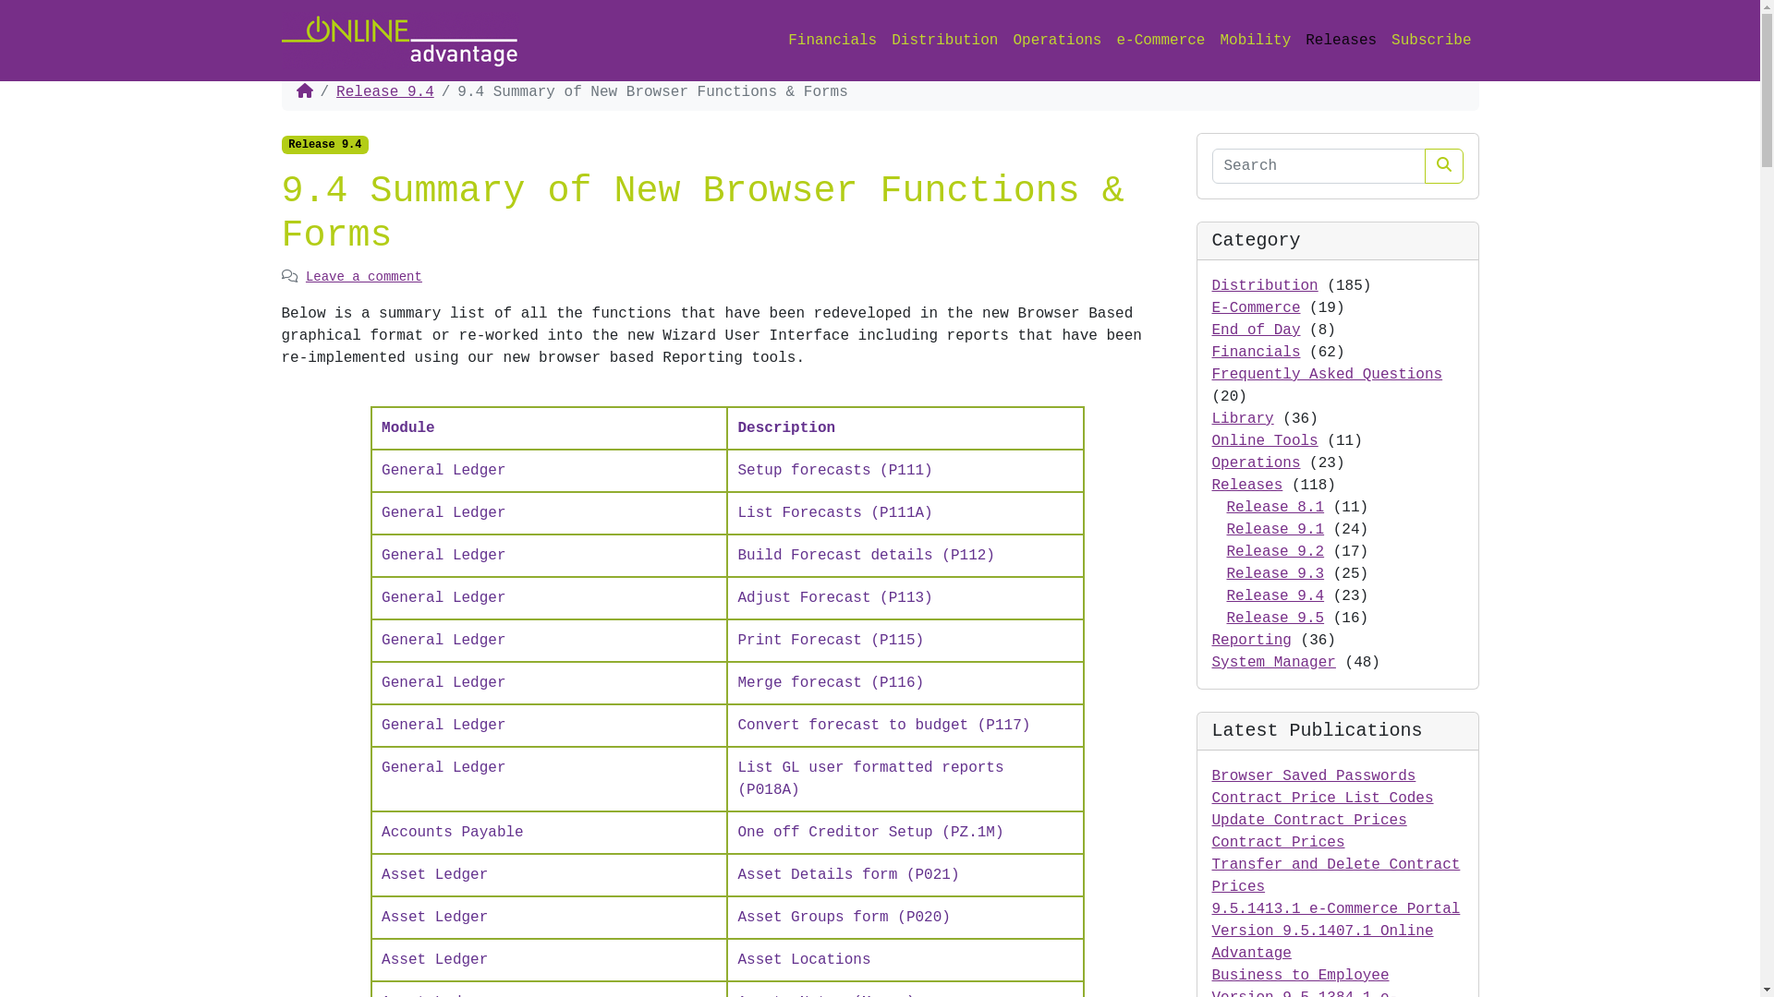 The height and width of the screenshot is (997, 1774). What do you see at coordinates (1243, 419) in the screenshot?
I see `'Library'` at bounding box center [1243, 419].